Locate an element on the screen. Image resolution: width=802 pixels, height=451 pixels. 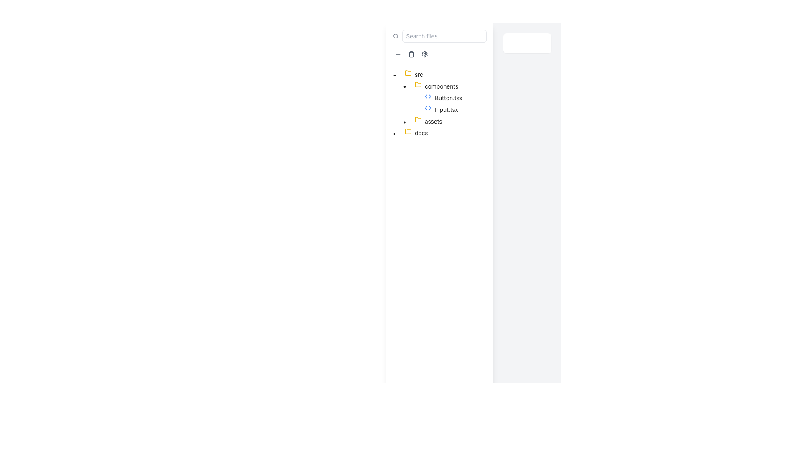
the Tree node representing the file entry named 'Input.tsx', which is the second file under the 'components' folder is located at coordinates (439, 104).